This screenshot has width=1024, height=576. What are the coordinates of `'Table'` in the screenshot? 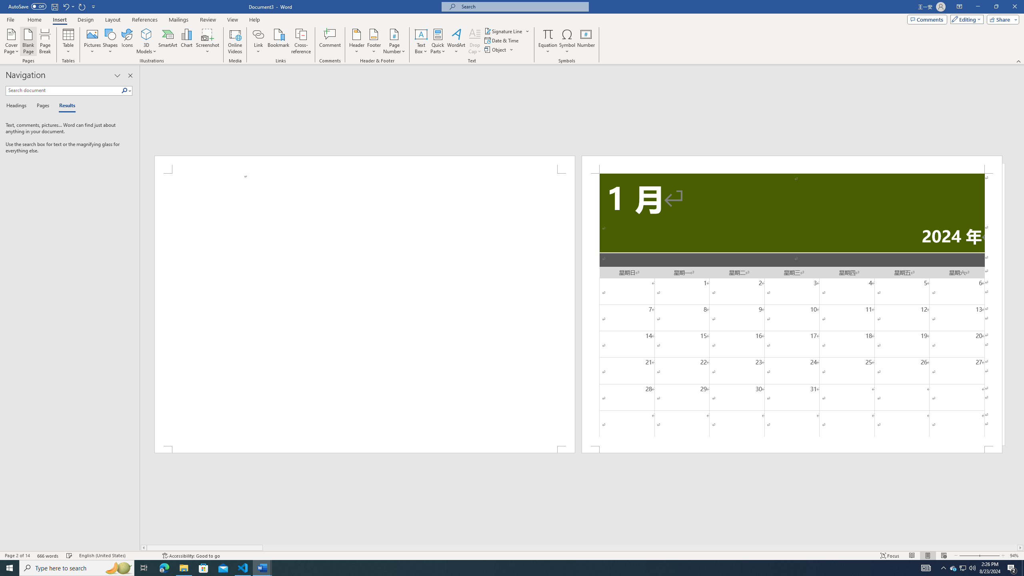 It's located at (68, 41).